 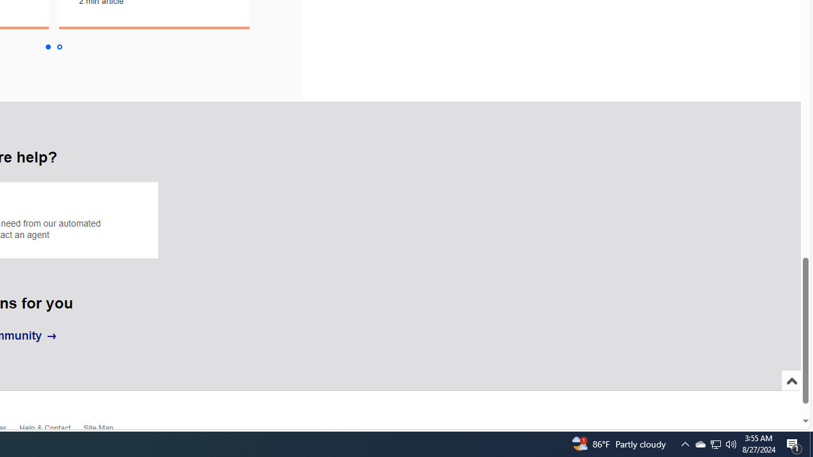 What do you see at coordinates (791, 380) in the screenshot?
I see `'Scroll to top'` at bounding box center [791, 380].